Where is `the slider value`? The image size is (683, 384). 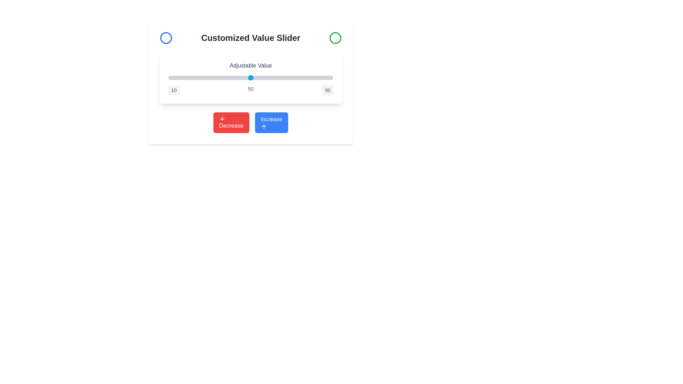
the slider value is located at coordinates (191, 78).